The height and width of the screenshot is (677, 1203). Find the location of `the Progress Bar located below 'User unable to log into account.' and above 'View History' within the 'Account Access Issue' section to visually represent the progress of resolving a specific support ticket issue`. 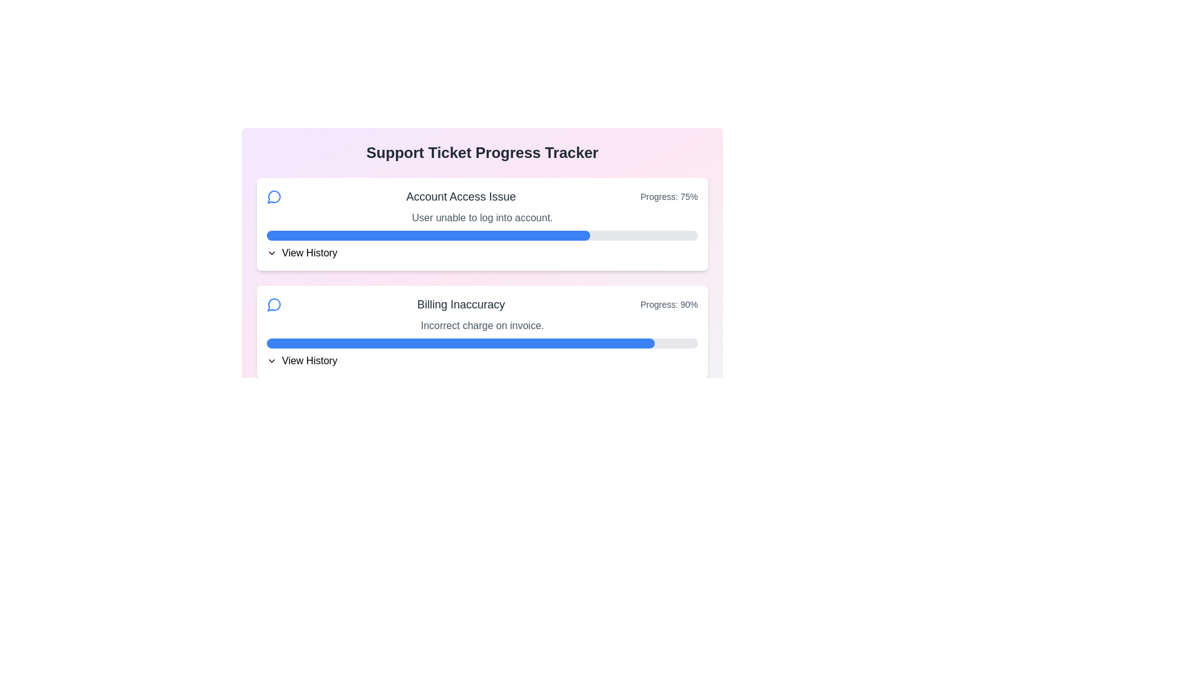

the Progress Bar located below 'User unable to log into account.' and above 'View History' within the 'Account Access Issue' section to visually represent the progress of resolving a specific support ticket issue is located at coordinates (481, 235).